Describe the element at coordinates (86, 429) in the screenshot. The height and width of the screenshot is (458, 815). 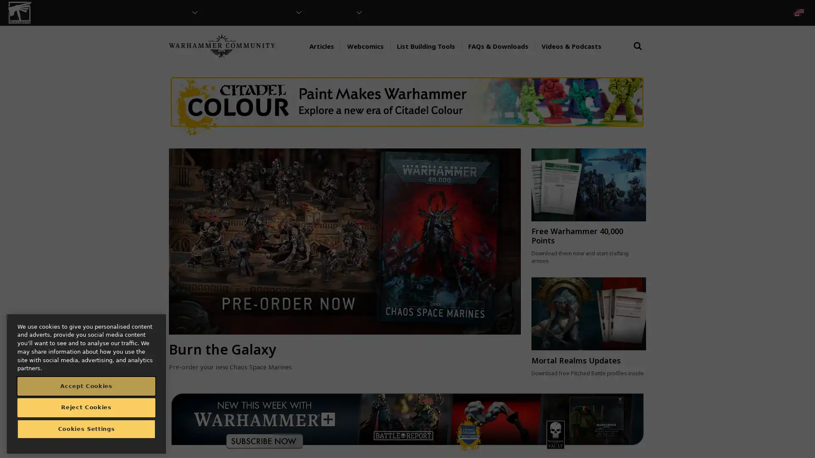
I see `Cookies Settings` at that location.